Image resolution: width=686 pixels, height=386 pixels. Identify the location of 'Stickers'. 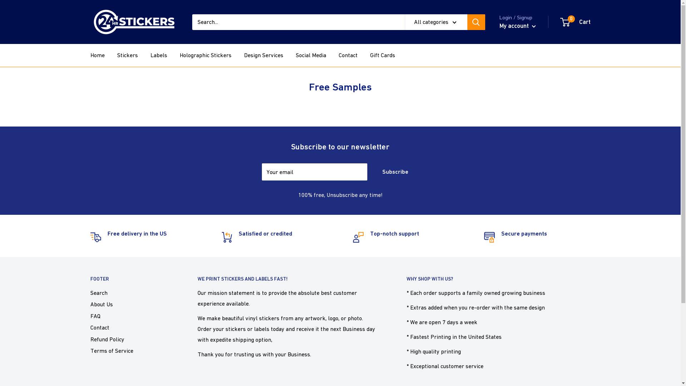
(127, 55).